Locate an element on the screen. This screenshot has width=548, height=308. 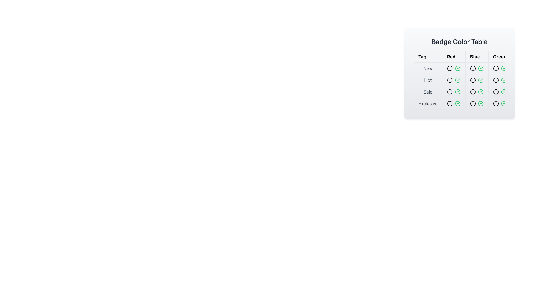
the confirmation icon located in the last row labeled 'Exclusive' under the 'Green' column of the 'Badge Color Table' is located at coordinates (504, 103).